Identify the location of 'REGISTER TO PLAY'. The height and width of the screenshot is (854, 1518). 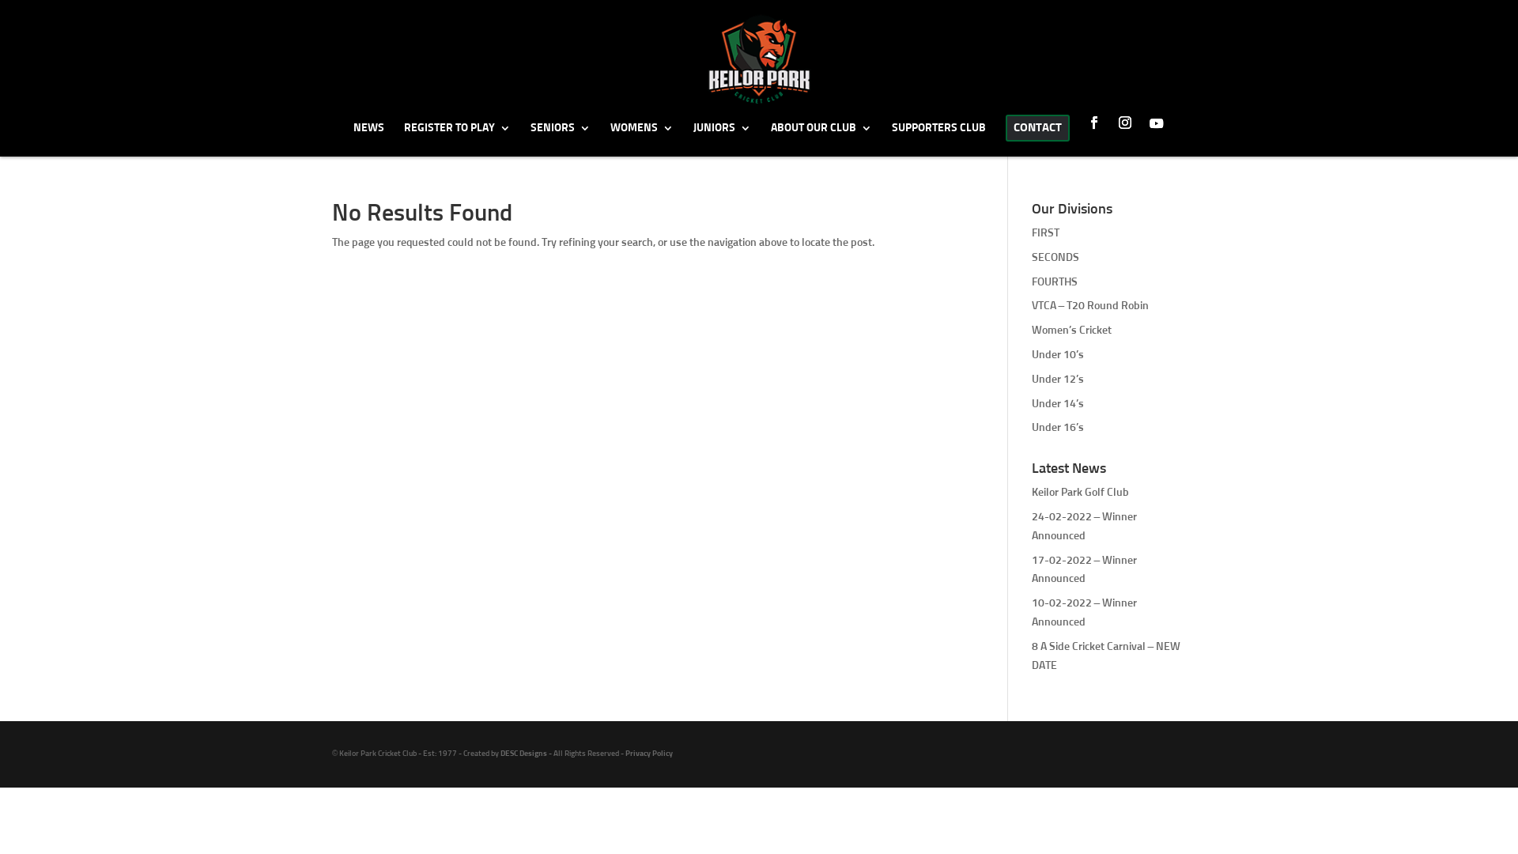
(402, 138).